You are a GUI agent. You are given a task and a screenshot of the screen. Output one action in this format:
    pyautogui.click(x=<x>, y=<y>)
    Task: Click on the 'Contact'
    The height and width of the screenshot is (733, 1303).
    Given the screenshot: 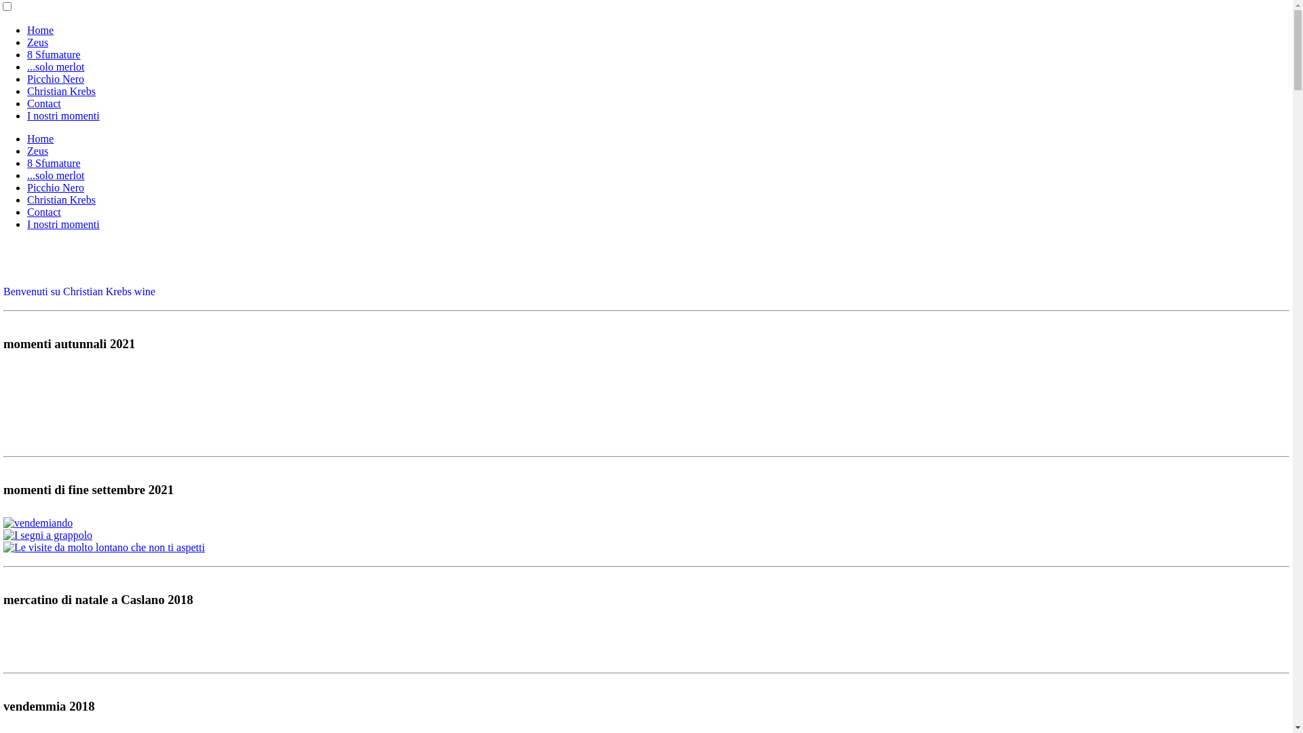 What is the action you would take?
    pyautogui.click(x=44, y=212)
    